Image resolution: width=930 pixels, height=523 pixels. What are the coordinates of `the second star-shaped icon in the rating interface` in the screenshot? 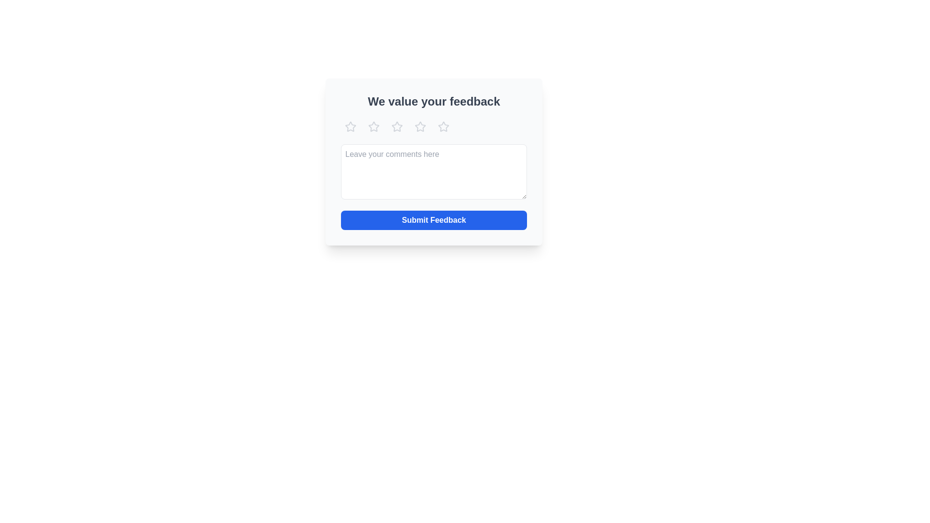 It's located at (420, 126).